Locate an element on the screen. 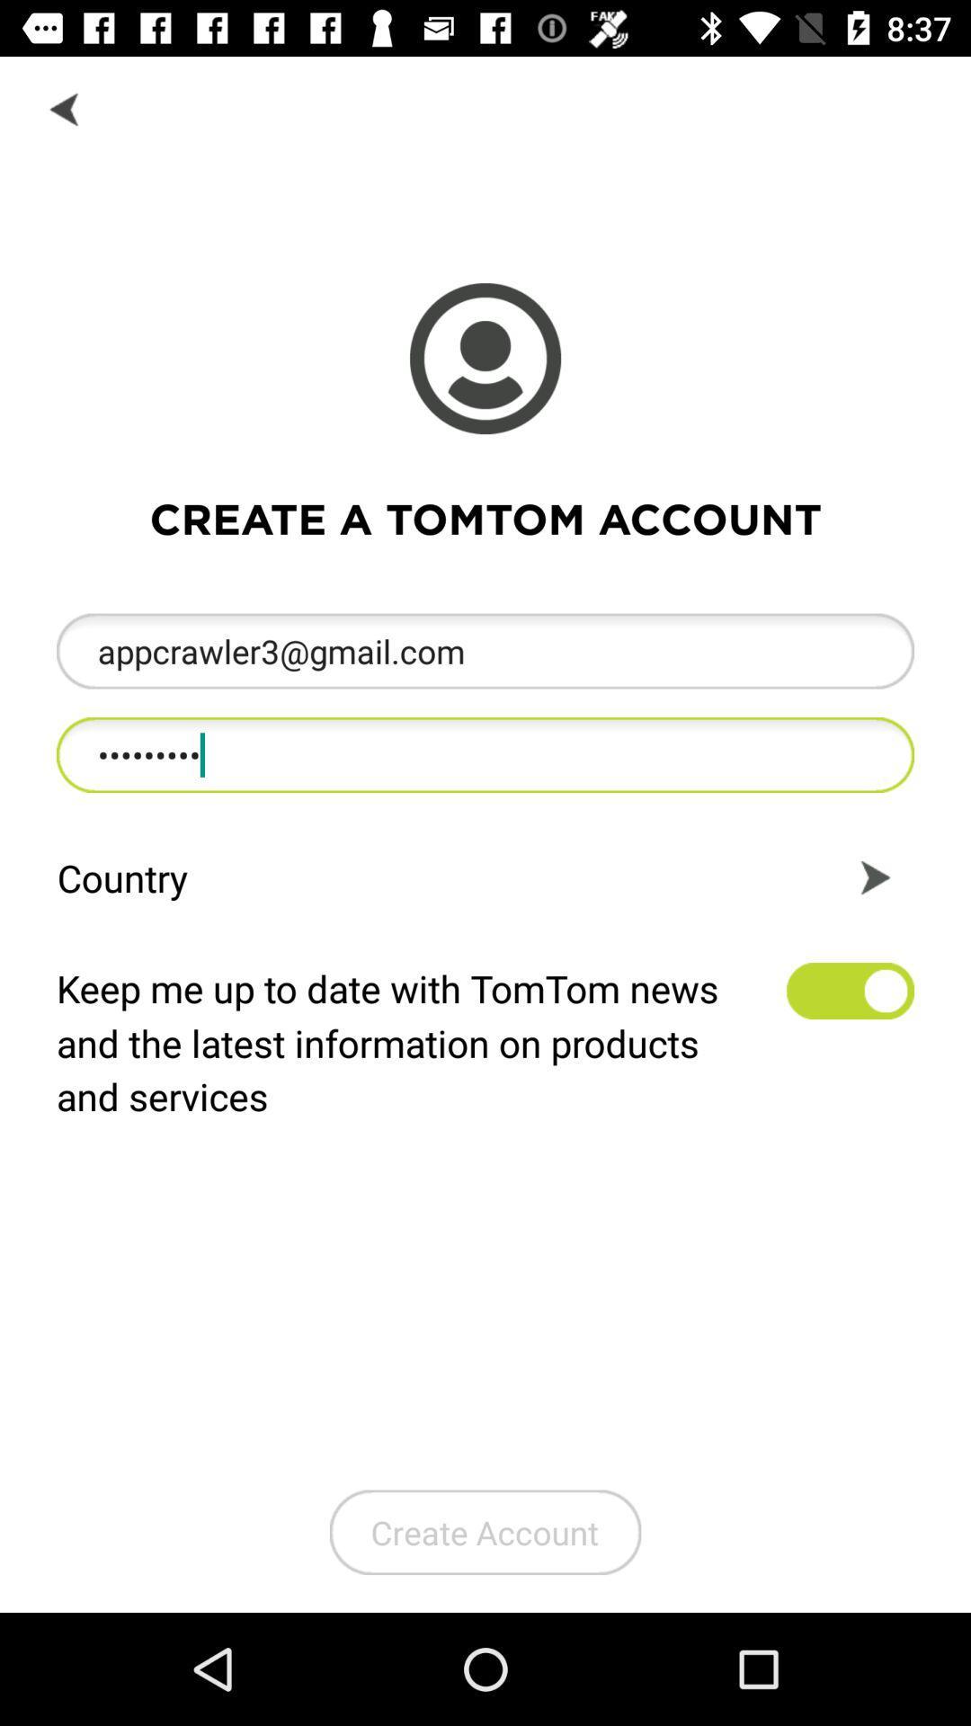 This screenshot has height=1726, width=971. go back is located at coordinates (65, 107).